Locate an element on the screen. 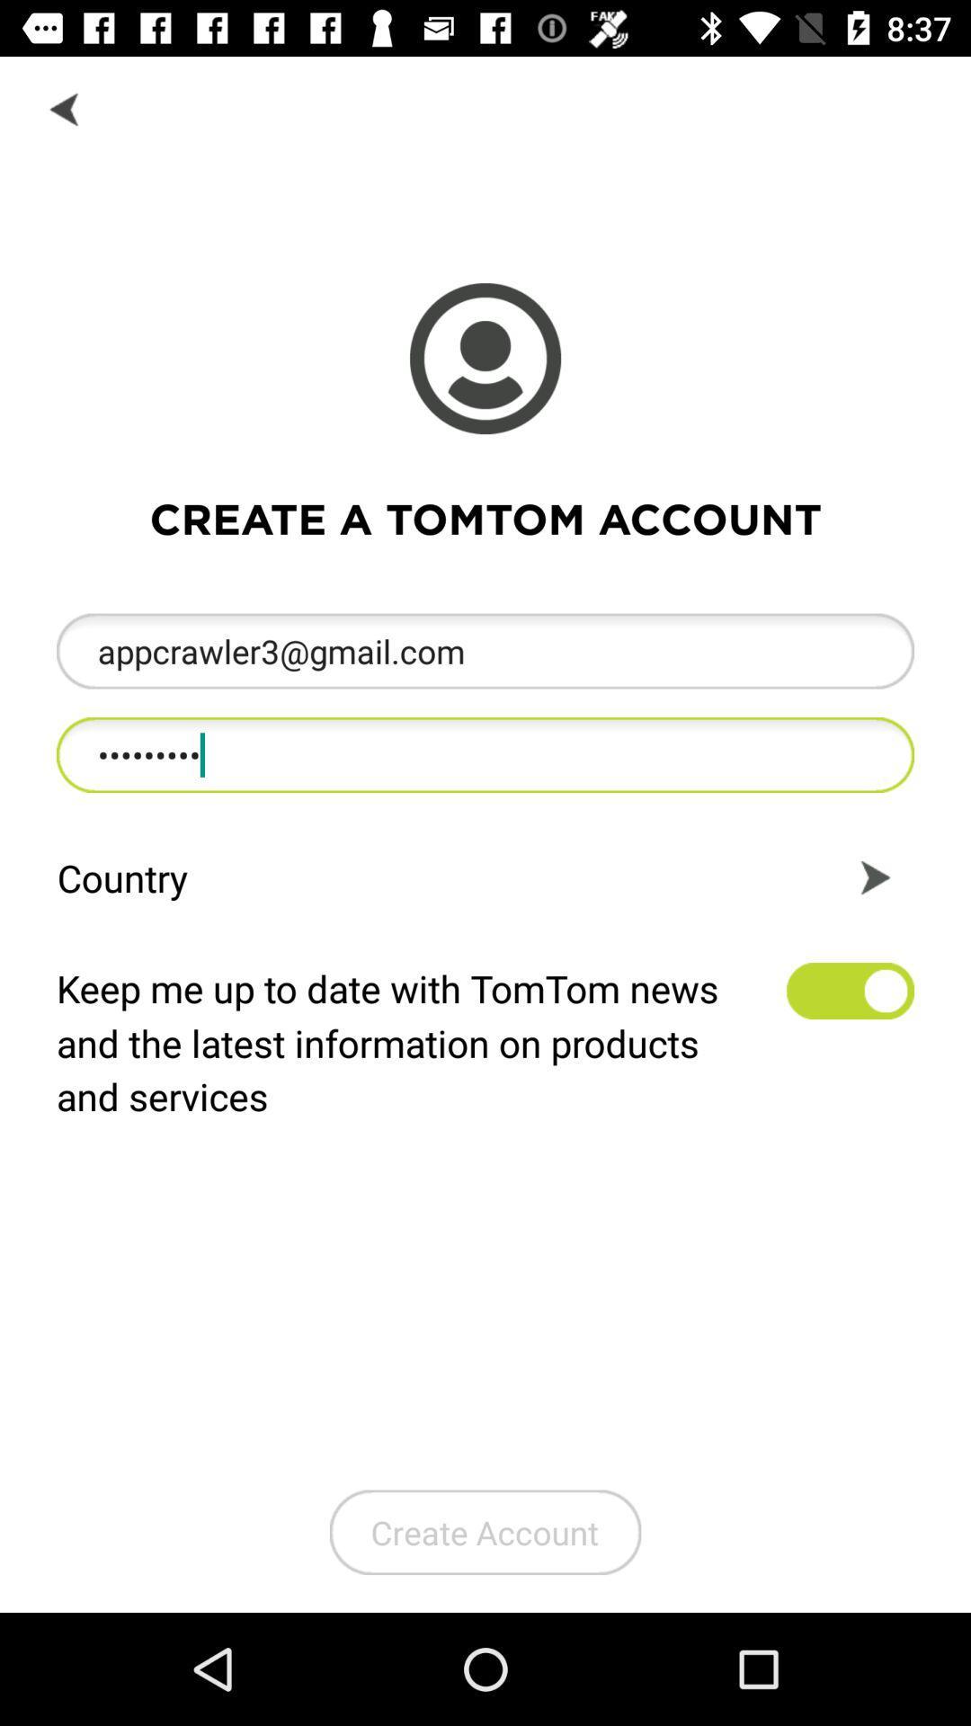 This screenshot has height=1726, width=971. go back is located at coordinates (65, 107).